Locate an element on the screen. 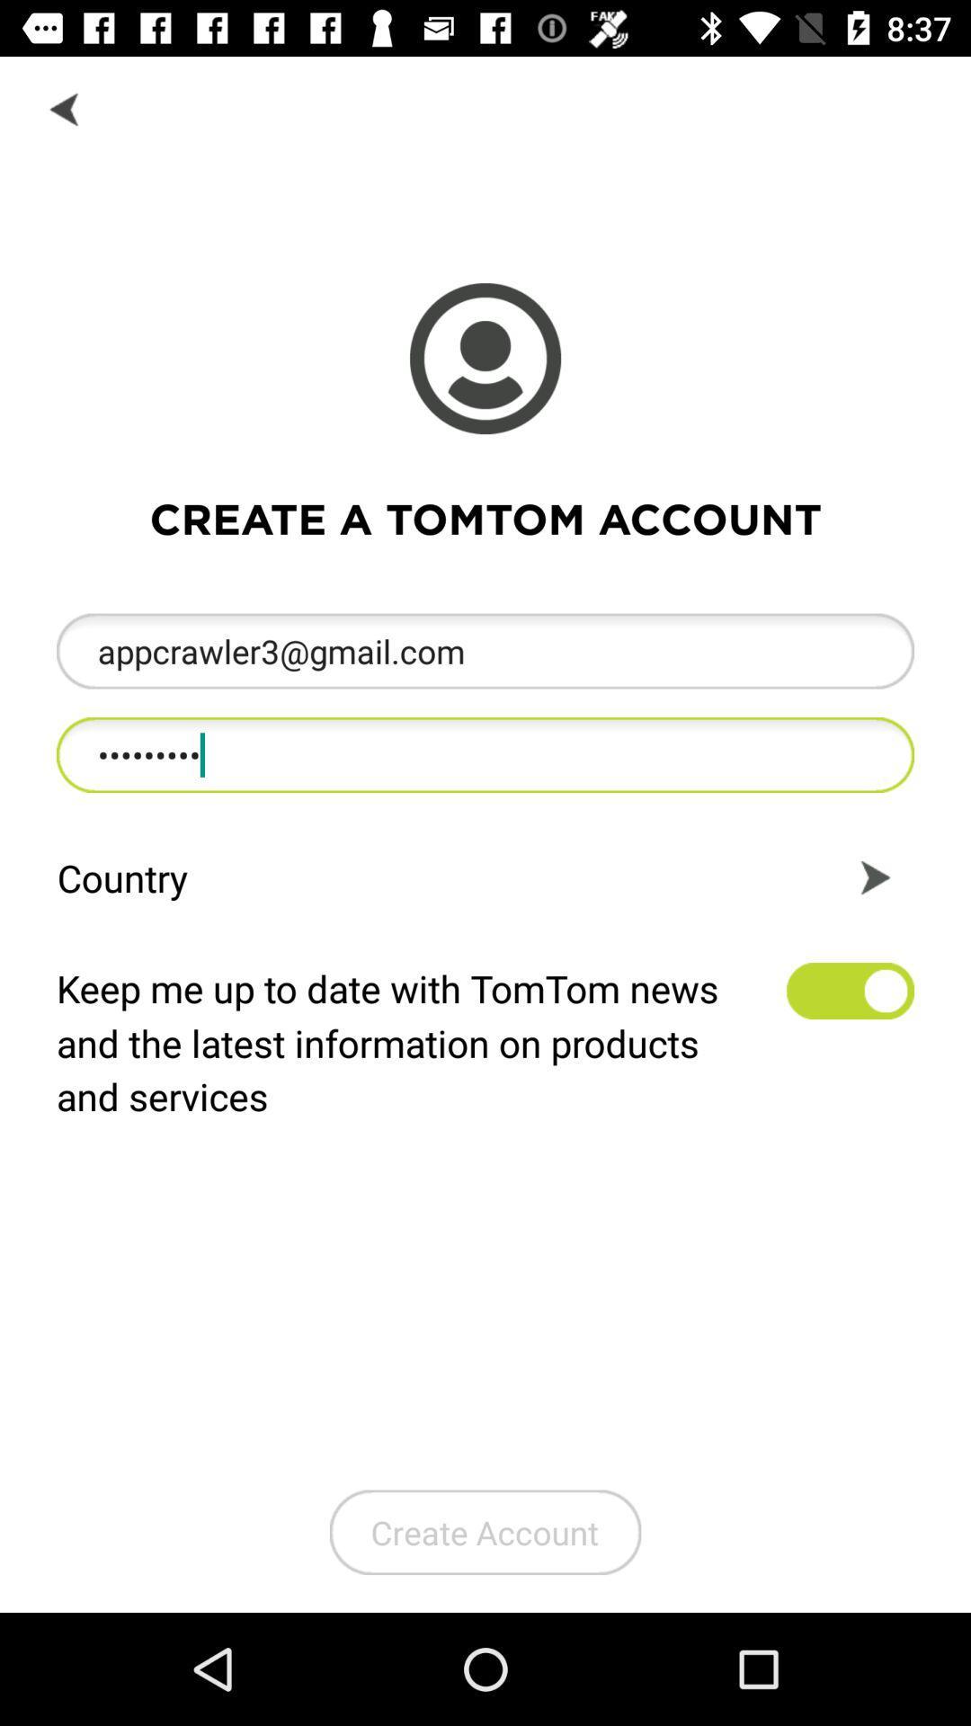 This screenshot has height=1726, width=971. go back is located at coordinates (65, 107).